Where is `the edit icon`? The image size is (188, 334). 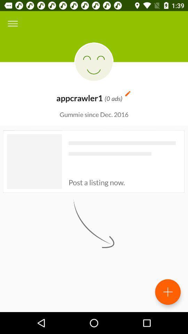 the edit icon is located at coordinates (127, 93).